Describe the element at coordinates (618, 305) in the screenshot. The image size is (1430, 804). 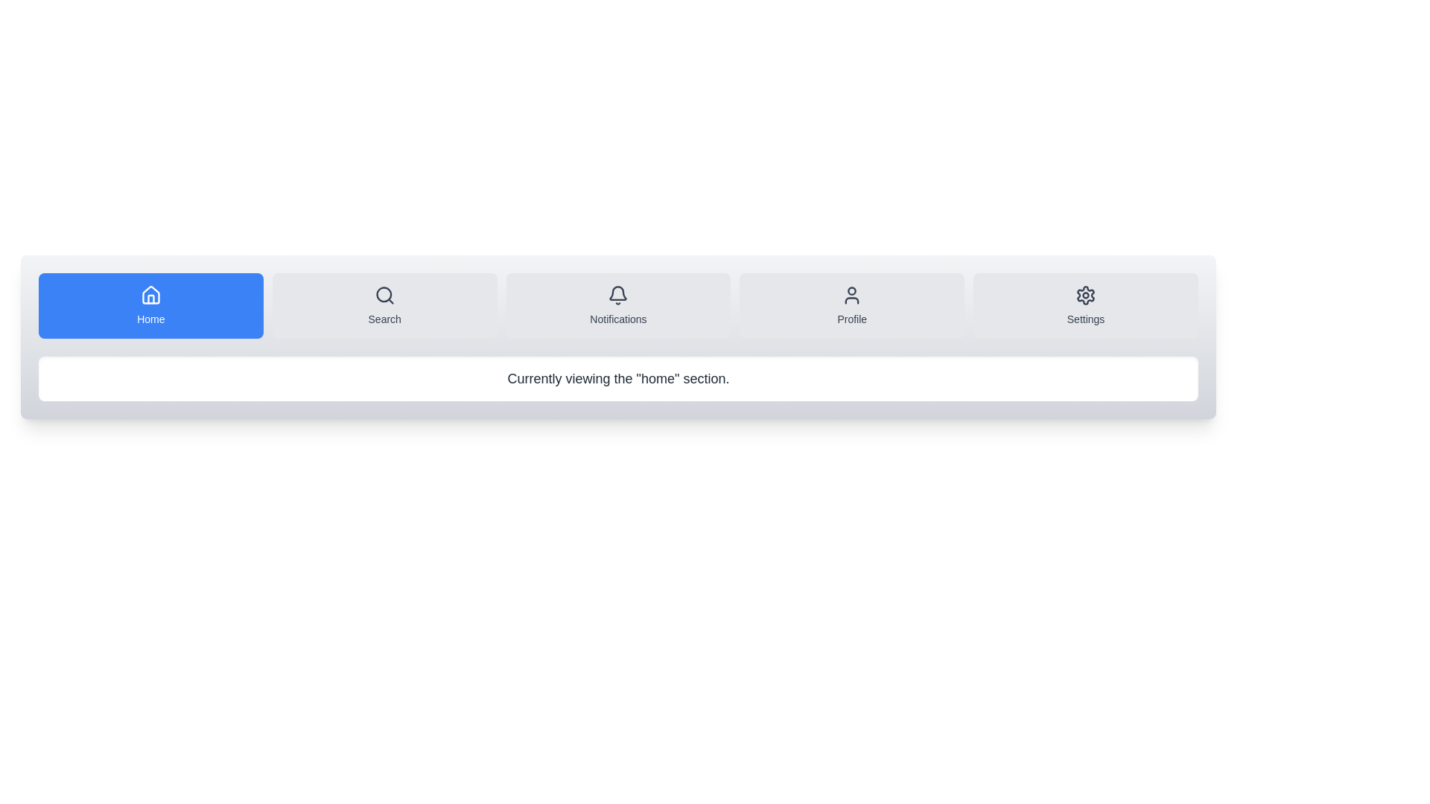
I see `the third element of the Navigation bar, which is Notifications` at that location.